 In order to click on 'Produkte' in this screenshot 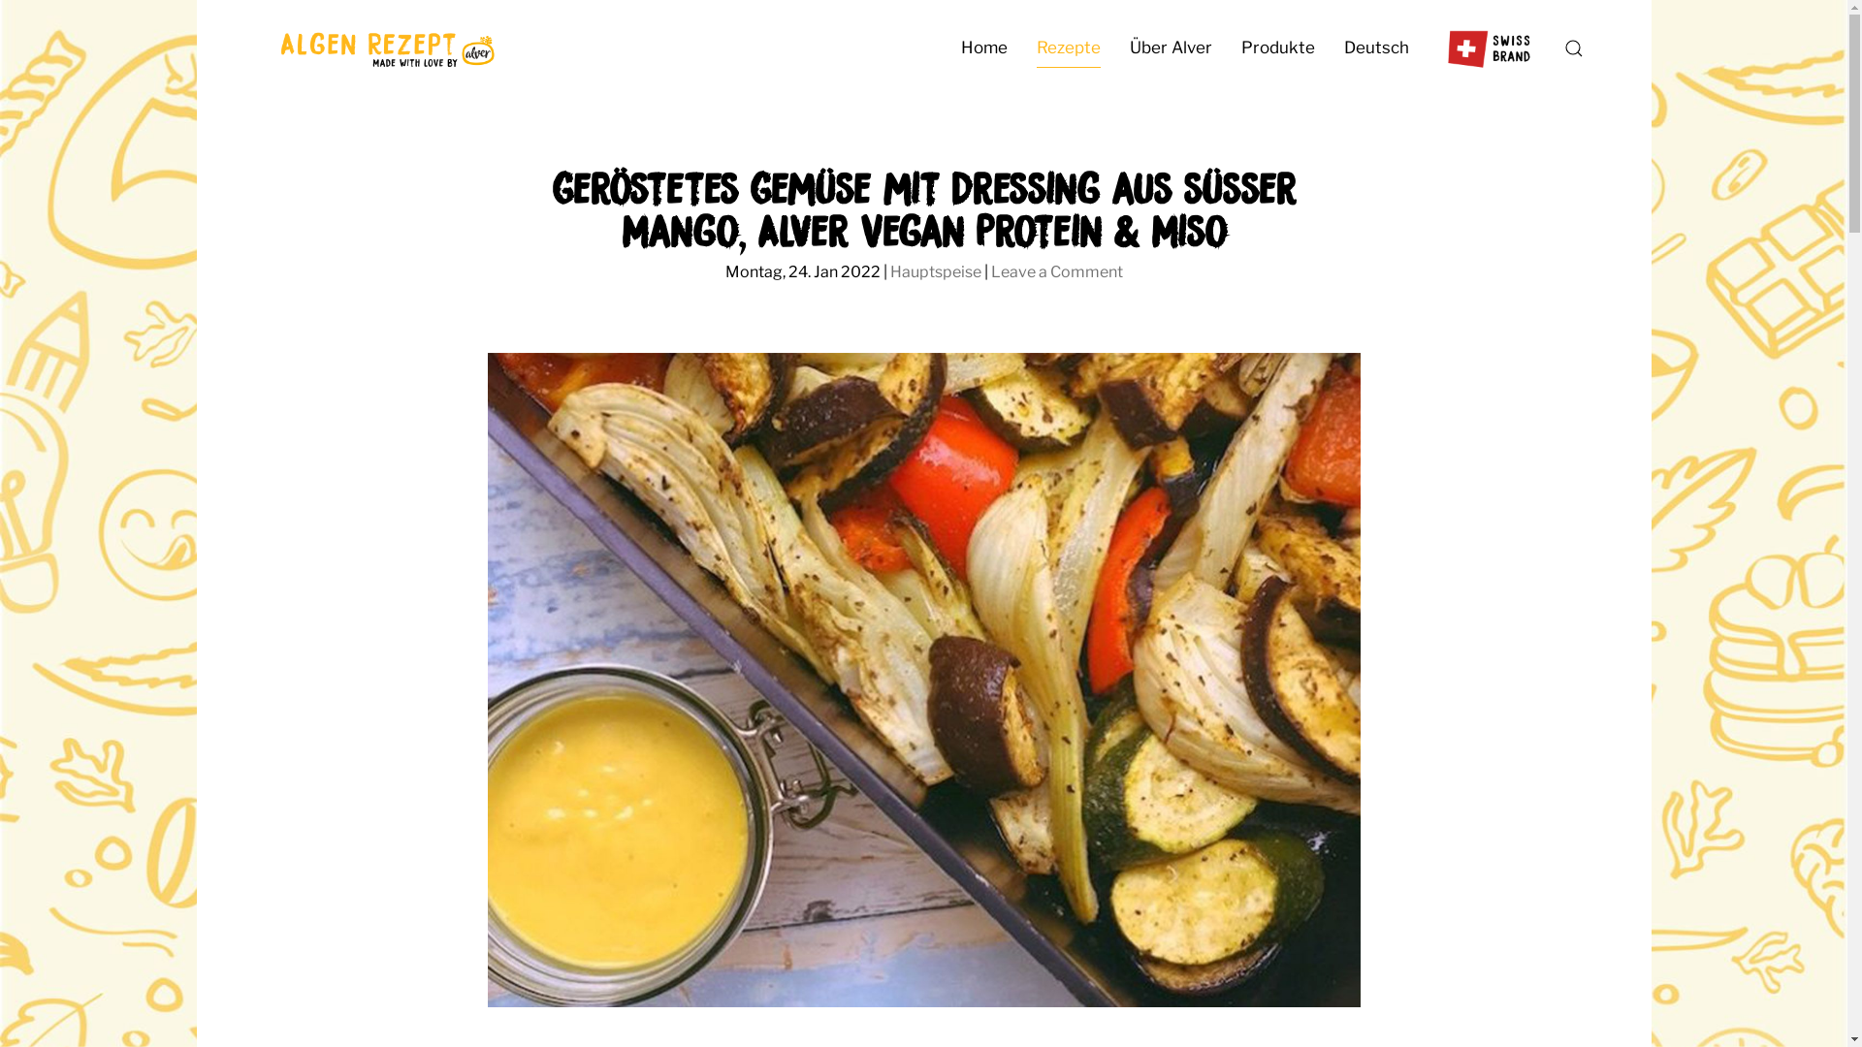, I will do `click(1276, 48)`.